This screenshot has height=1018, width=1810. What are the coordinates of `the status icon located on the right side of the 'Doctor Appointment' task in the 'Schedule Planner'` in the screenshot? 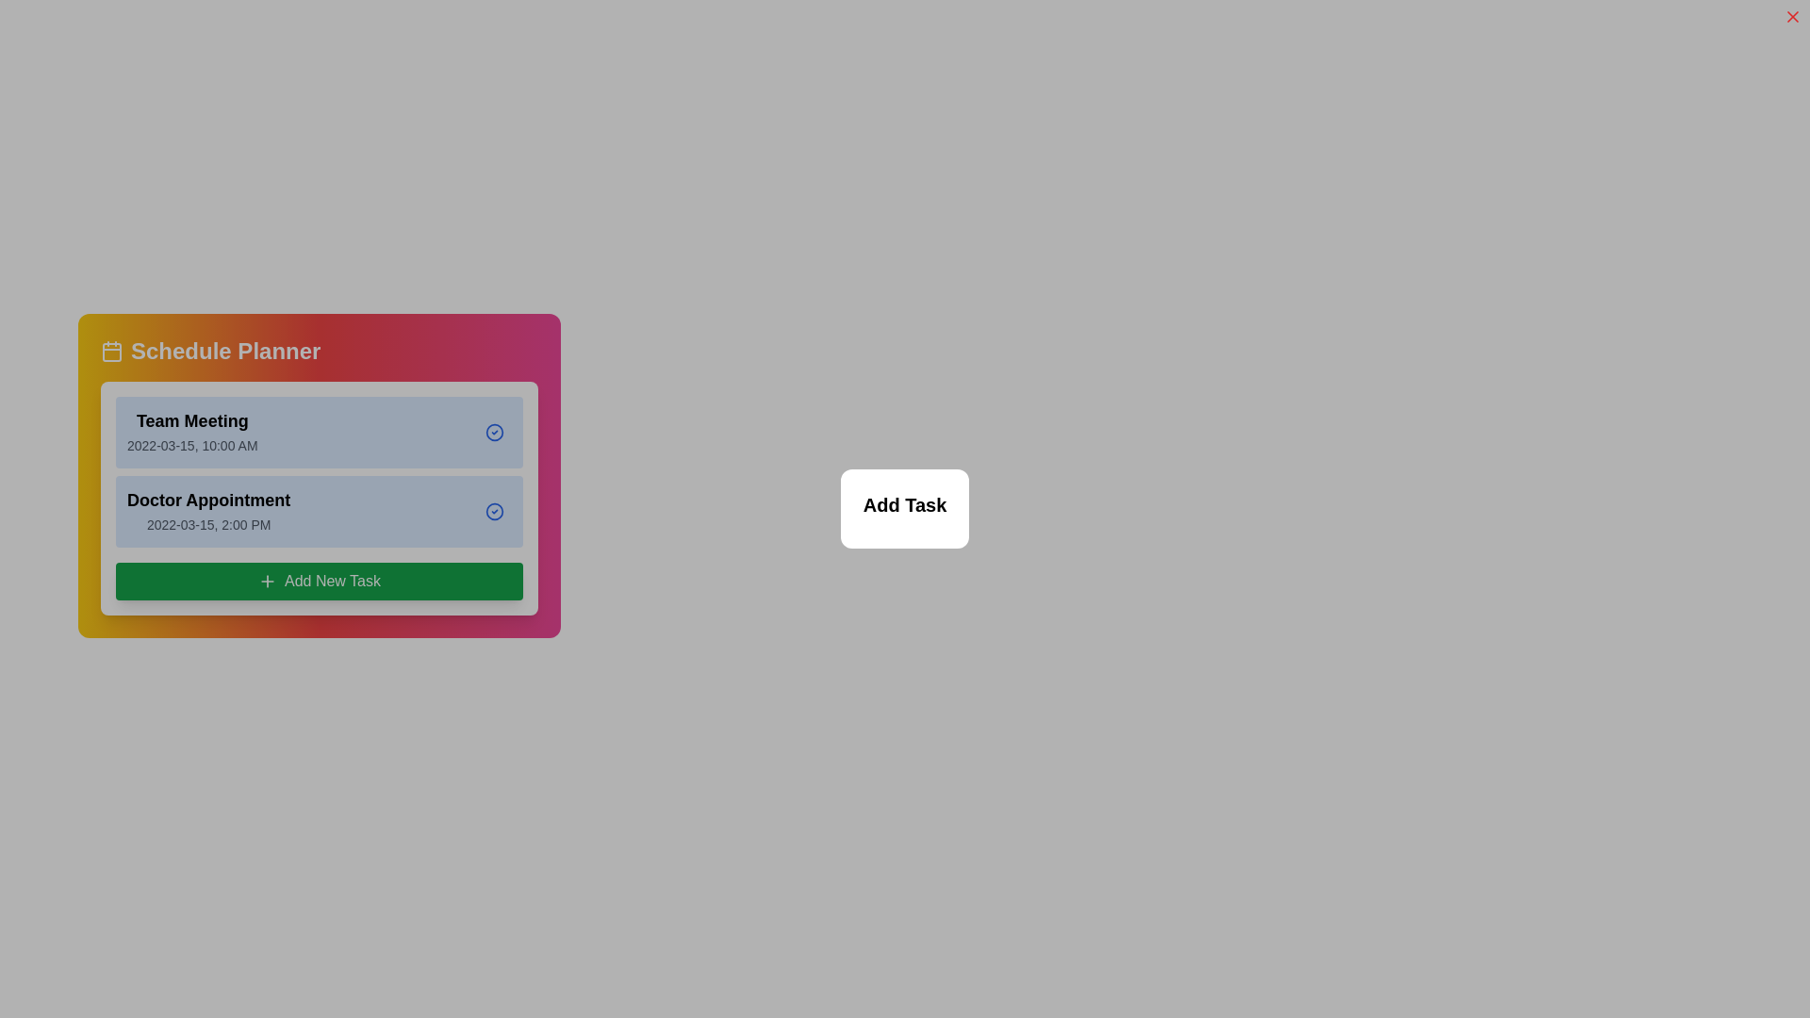 It's located at (494, 512).